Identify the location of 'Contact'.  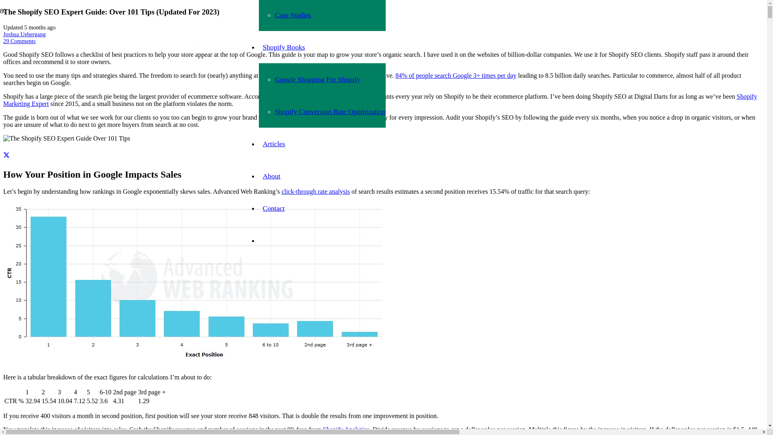
(273, 207).